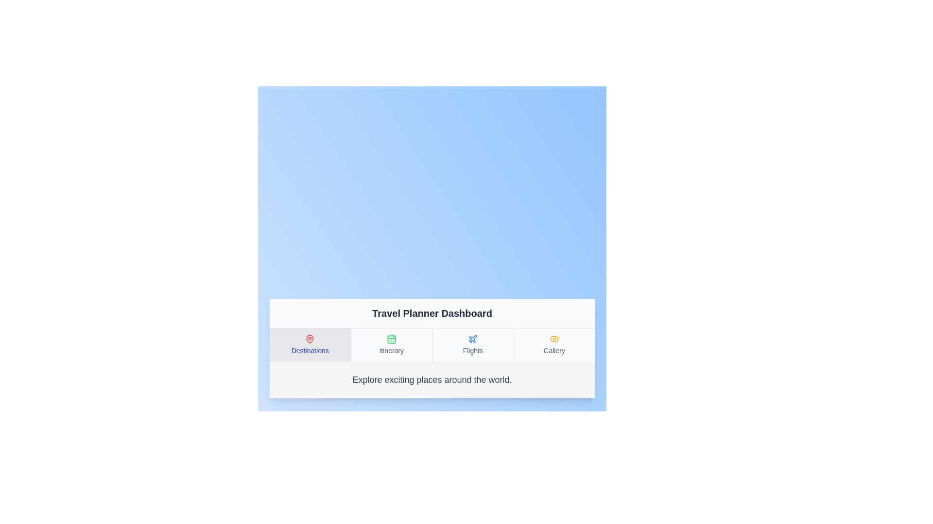 Image resolution: width=933 pixels, height=524 pixels. What do you see at coordinates (473, 350) in the screenshot?
I see `the 'Flights' text label` at bounding box center [473, 350].